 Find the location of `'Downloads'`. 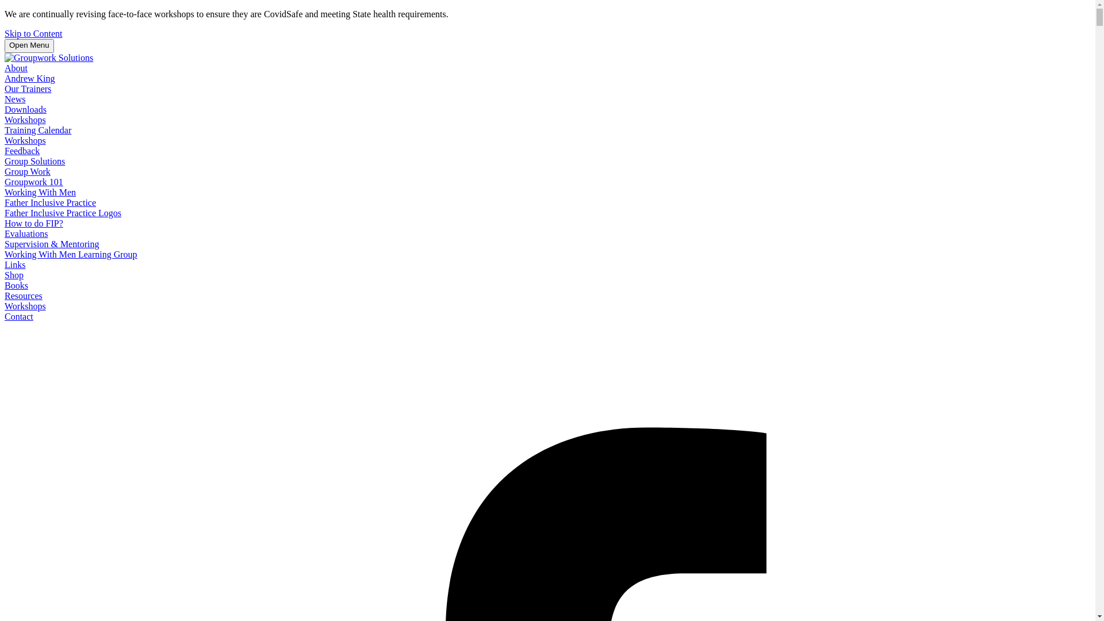

'Downloads' is located at coordinates (25, 109).